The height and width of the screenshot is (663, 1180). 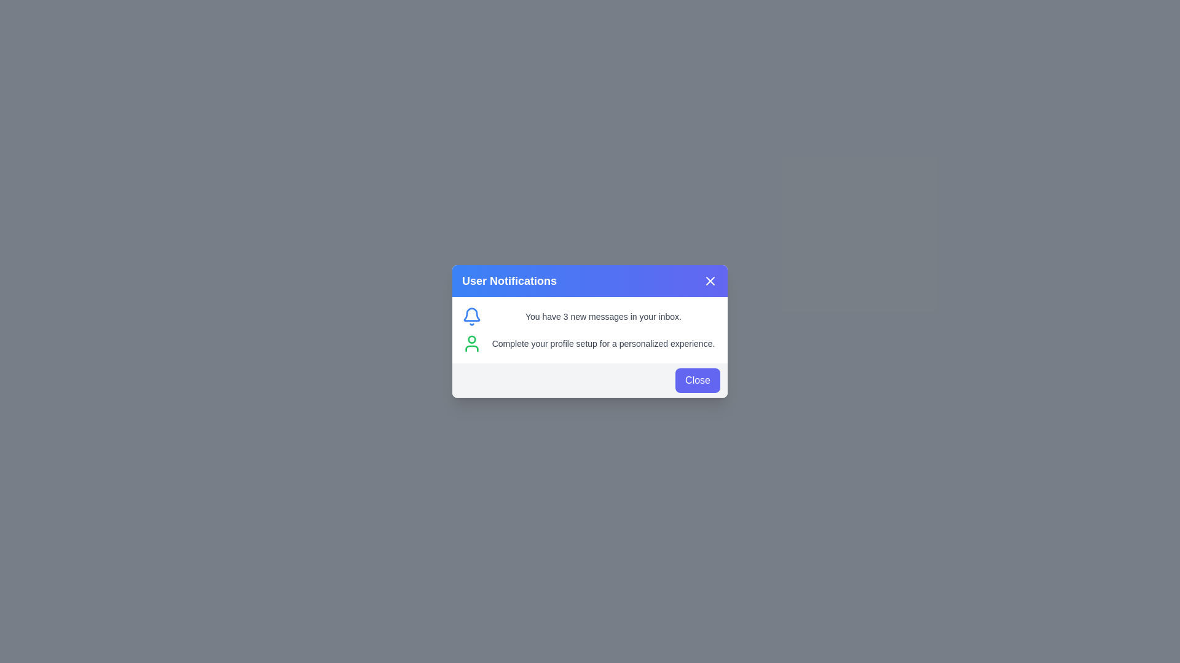 What do you see at coordinates (604, 316) in the screenshot?
I see `the notification text indicating the number of unread messages located on the right side of a bell-shaped icon within a notification card, positioned in the upper section of the notification interface` at bounding box center [604, 316].